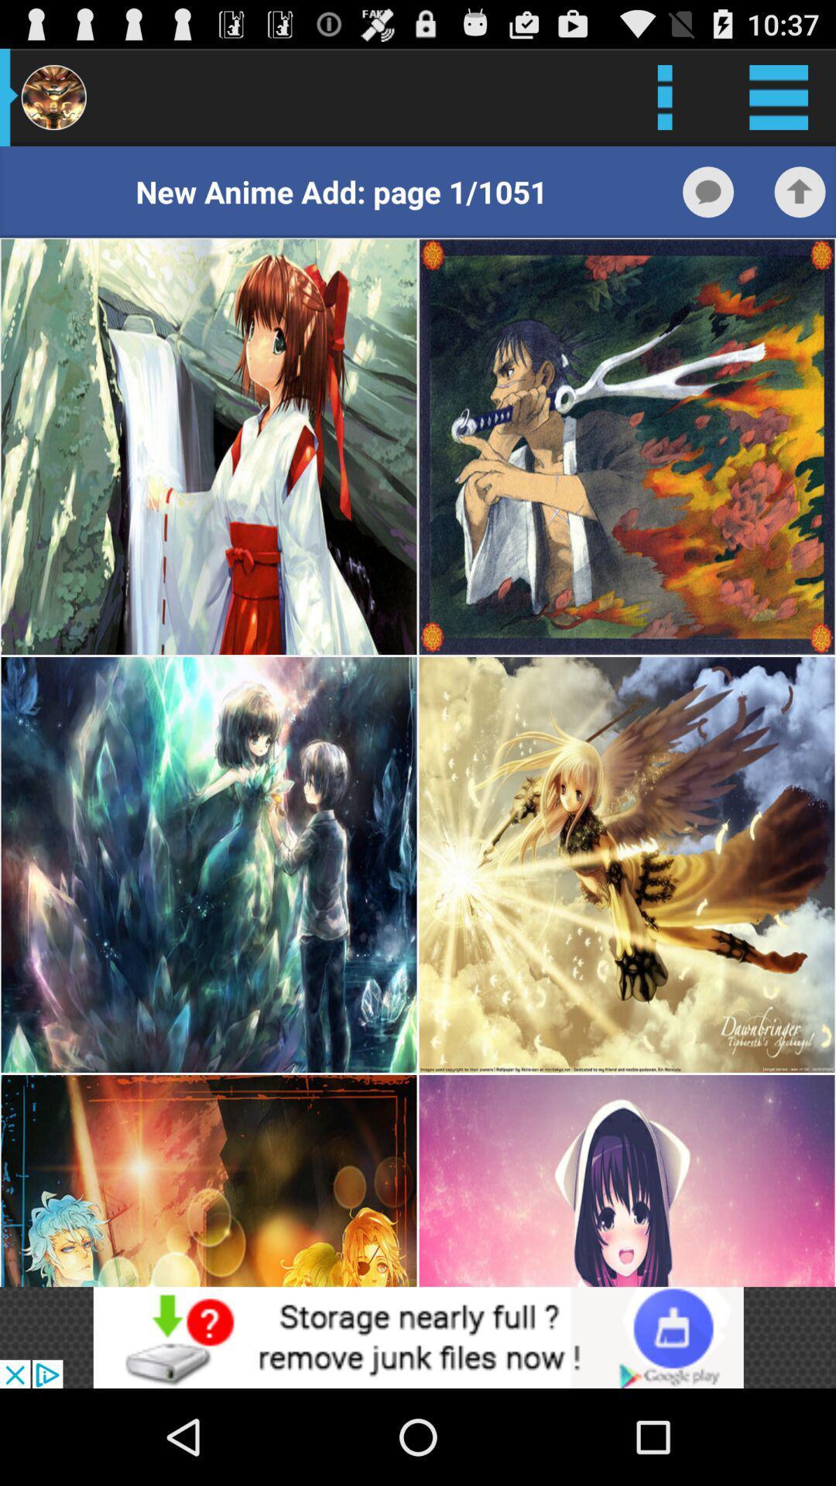 This screenshot has width=836, height=1486. Describe the element at coordinates (800, 191) in the screenshot. I see `go up` at that location.